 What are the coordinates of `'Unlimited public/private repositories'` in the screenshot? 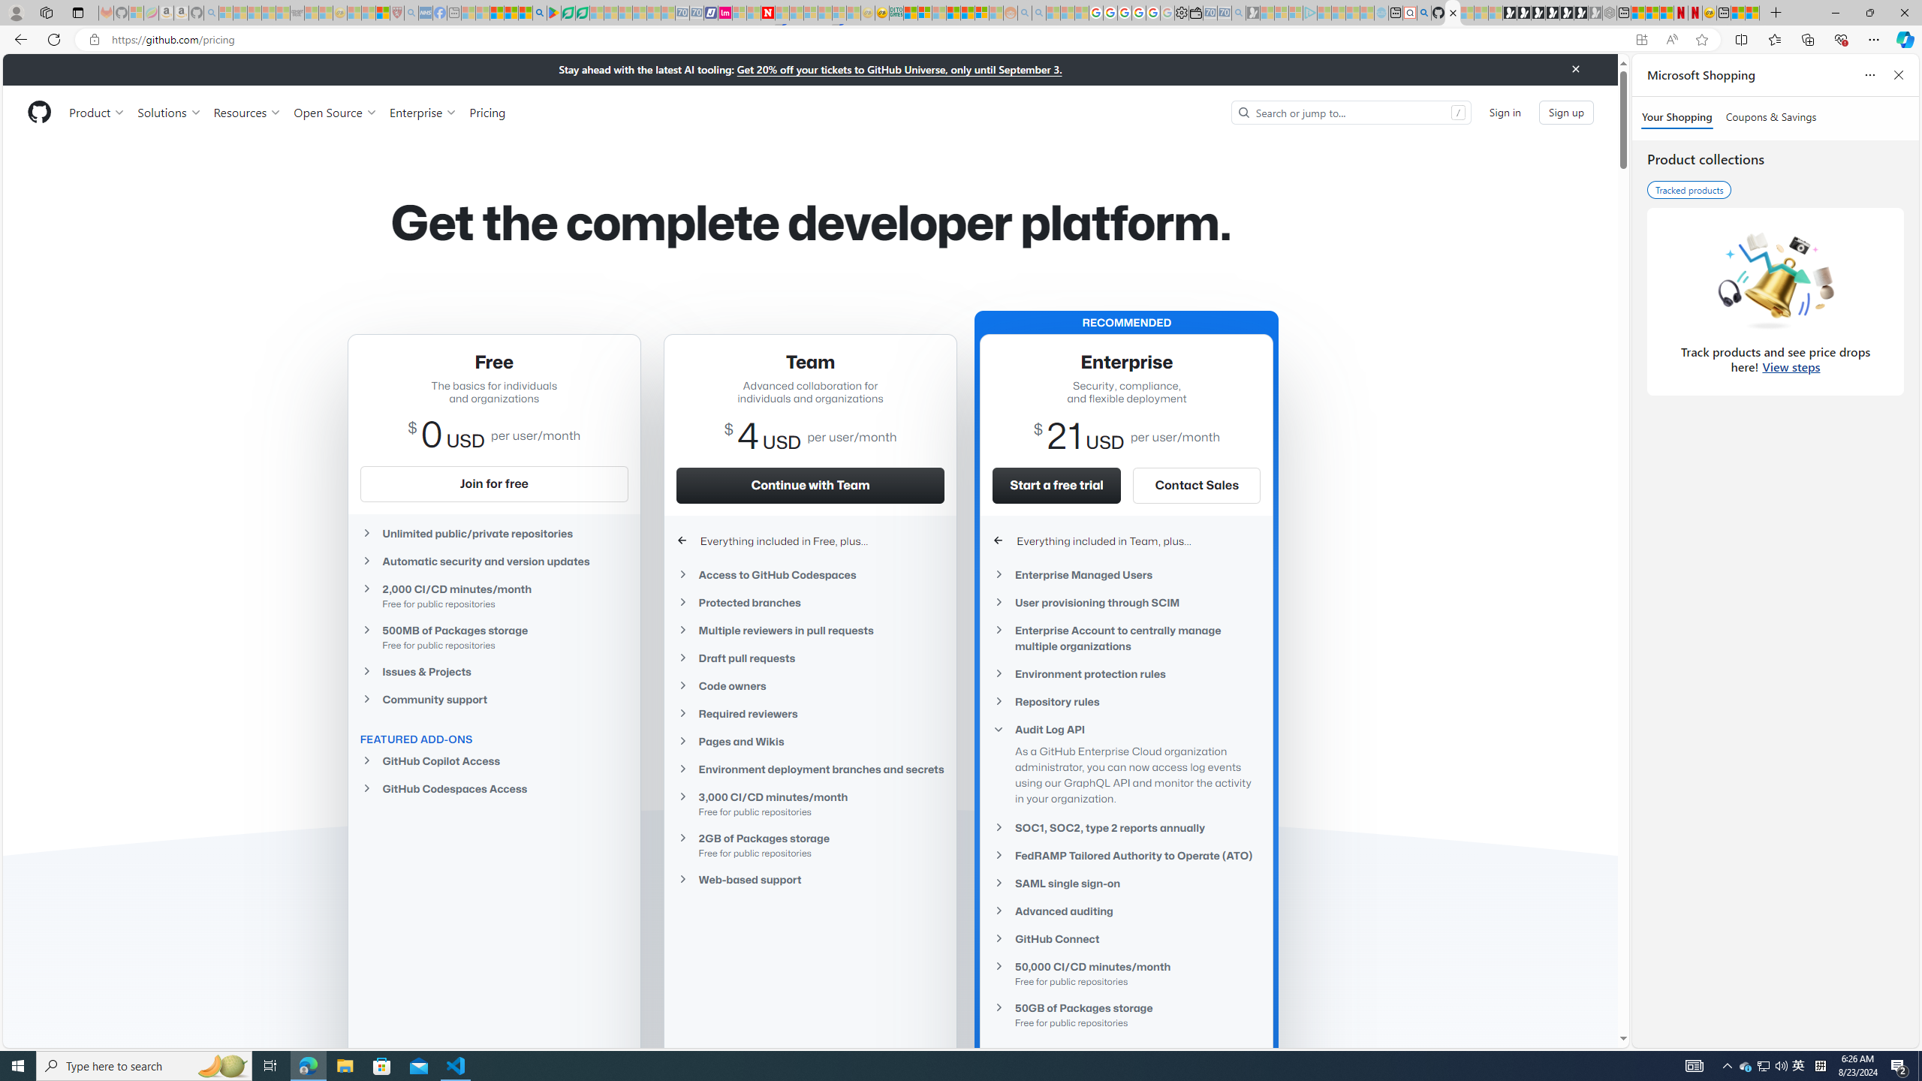 It's located at (493, 532).